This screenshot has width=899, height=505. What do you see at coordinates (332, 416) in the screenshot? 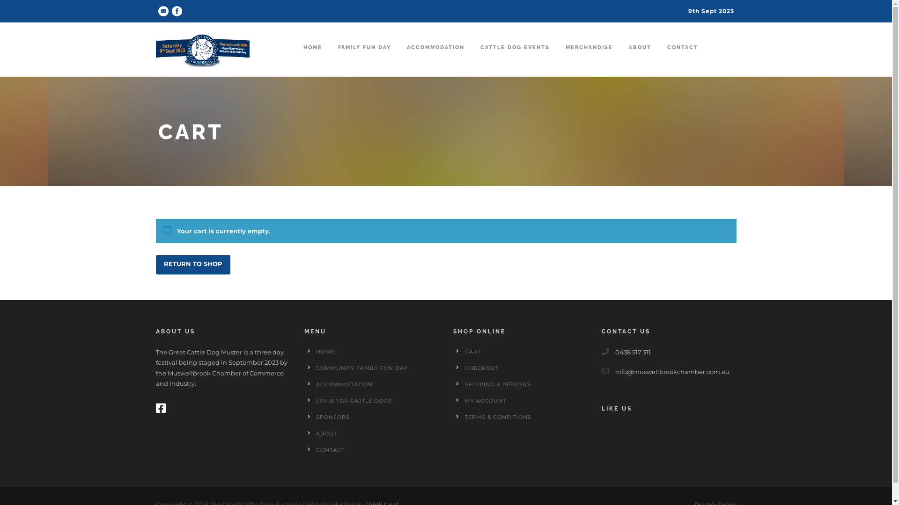
I see `'SPONSORS'` at bounding box center [332, 416].